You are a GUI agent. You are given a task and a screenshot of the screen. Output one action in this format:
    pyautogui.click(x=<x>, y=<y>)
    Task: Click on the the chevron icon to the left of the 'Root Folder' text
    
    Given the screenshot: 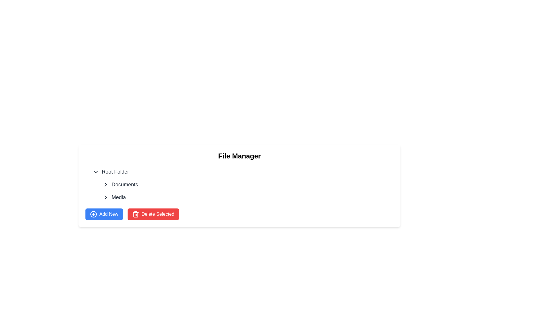 What is the action you would take?
    pyautogui.click(x=96, y=171)
    